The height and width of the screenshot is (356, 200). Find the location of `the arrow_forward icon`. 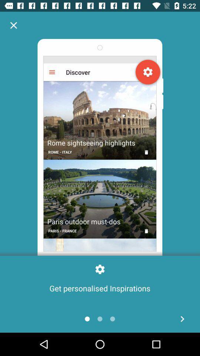

the arrow_forward icon is located at coordinates (182, 319).